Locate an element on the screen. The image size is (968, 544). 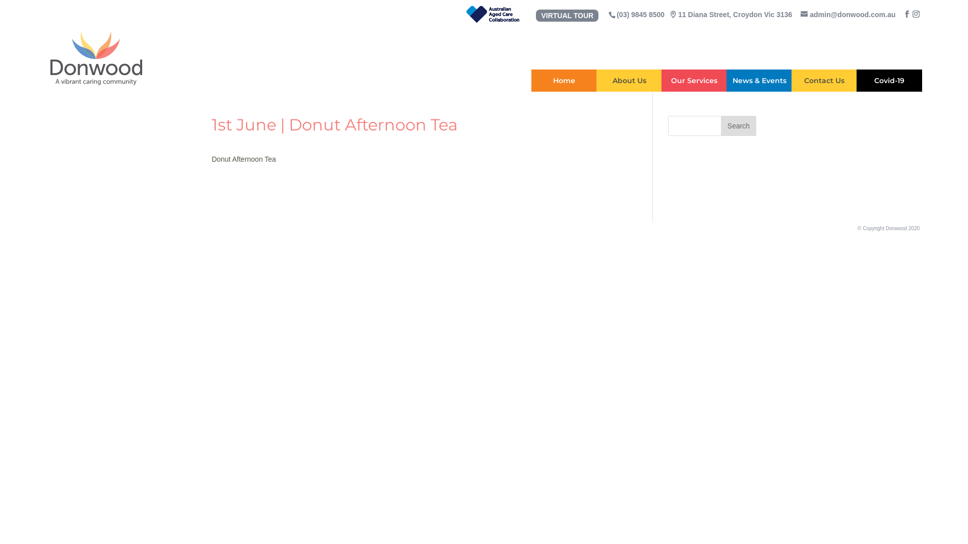
'Home' is located at coordinates (563, 80).